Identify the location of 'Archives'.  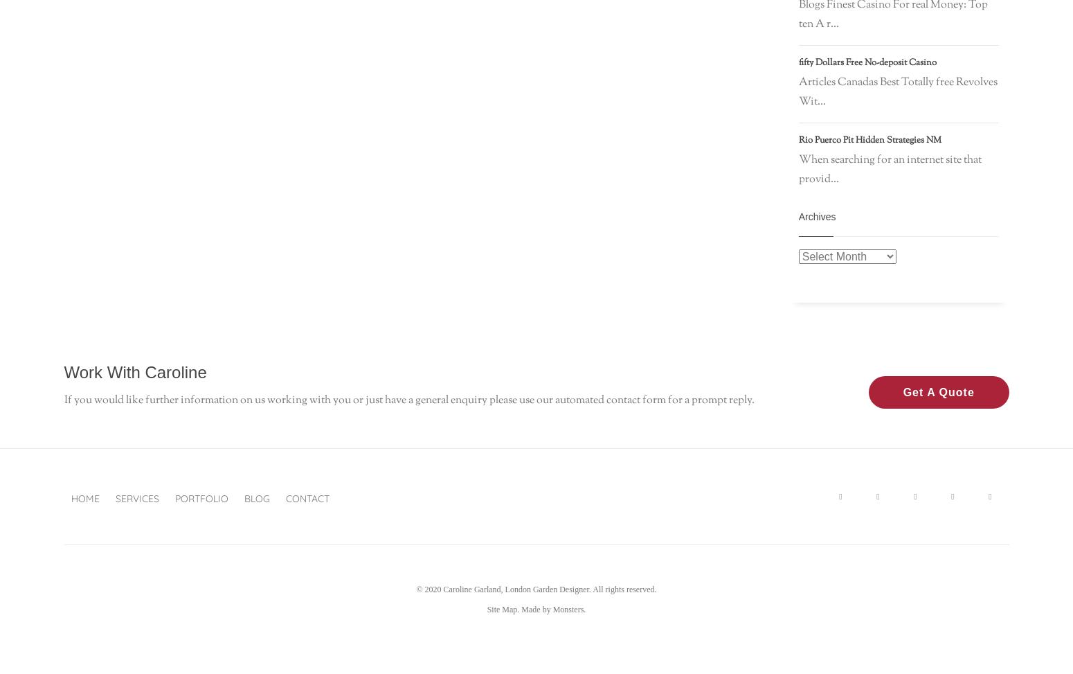
(817, 217).